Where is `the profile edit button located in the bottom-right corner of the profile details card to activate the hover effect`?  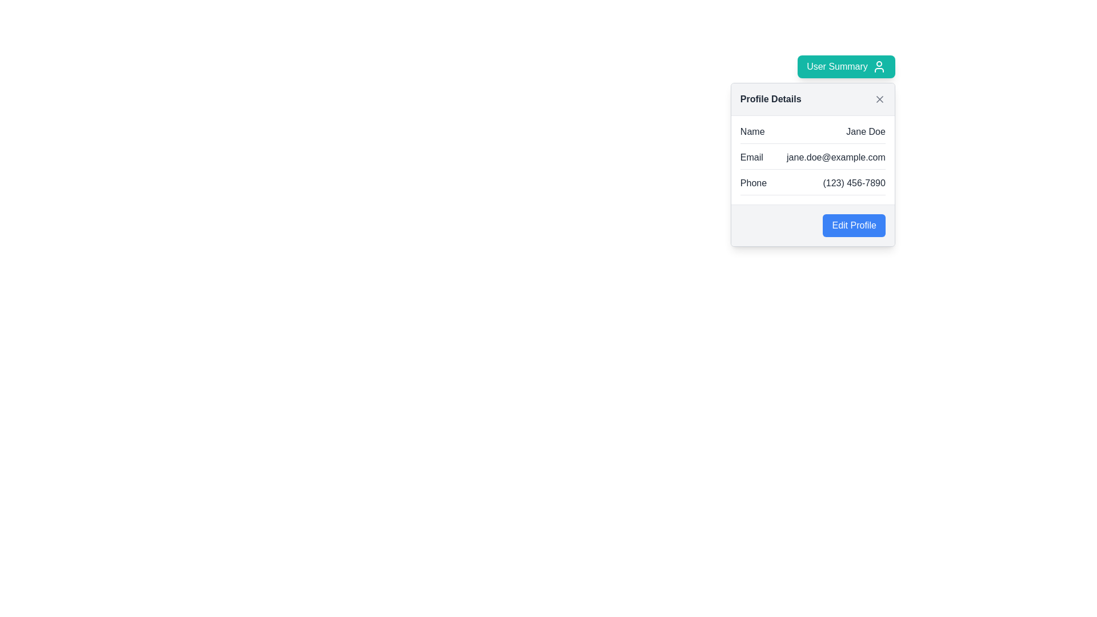
the profile edit button located in the bottom-right corner of the profile details card to activate the hover effect is located at coordinates (854, 225).